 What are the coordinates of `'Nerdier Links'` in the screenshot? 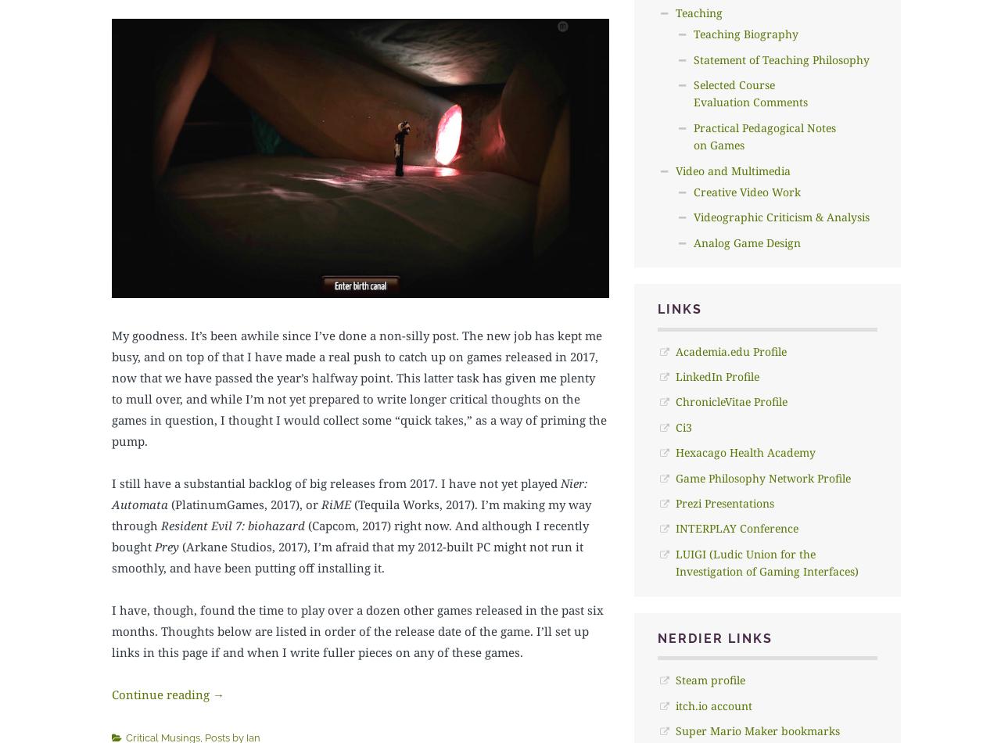 It's located at (656, 637).